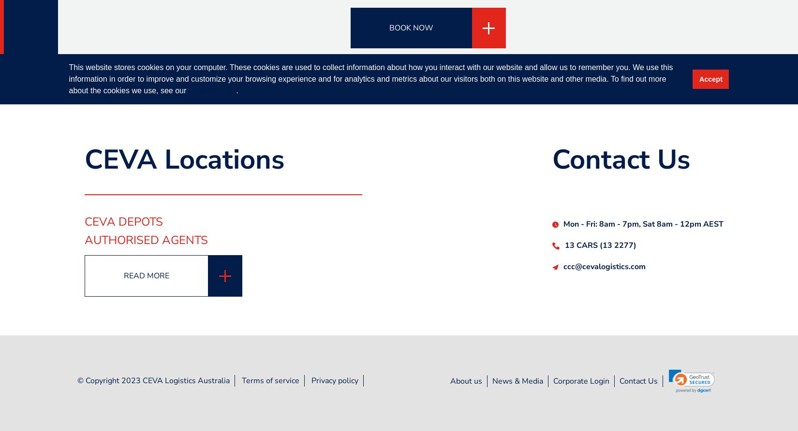  I want to click on 'Book now', so click(411, 28).